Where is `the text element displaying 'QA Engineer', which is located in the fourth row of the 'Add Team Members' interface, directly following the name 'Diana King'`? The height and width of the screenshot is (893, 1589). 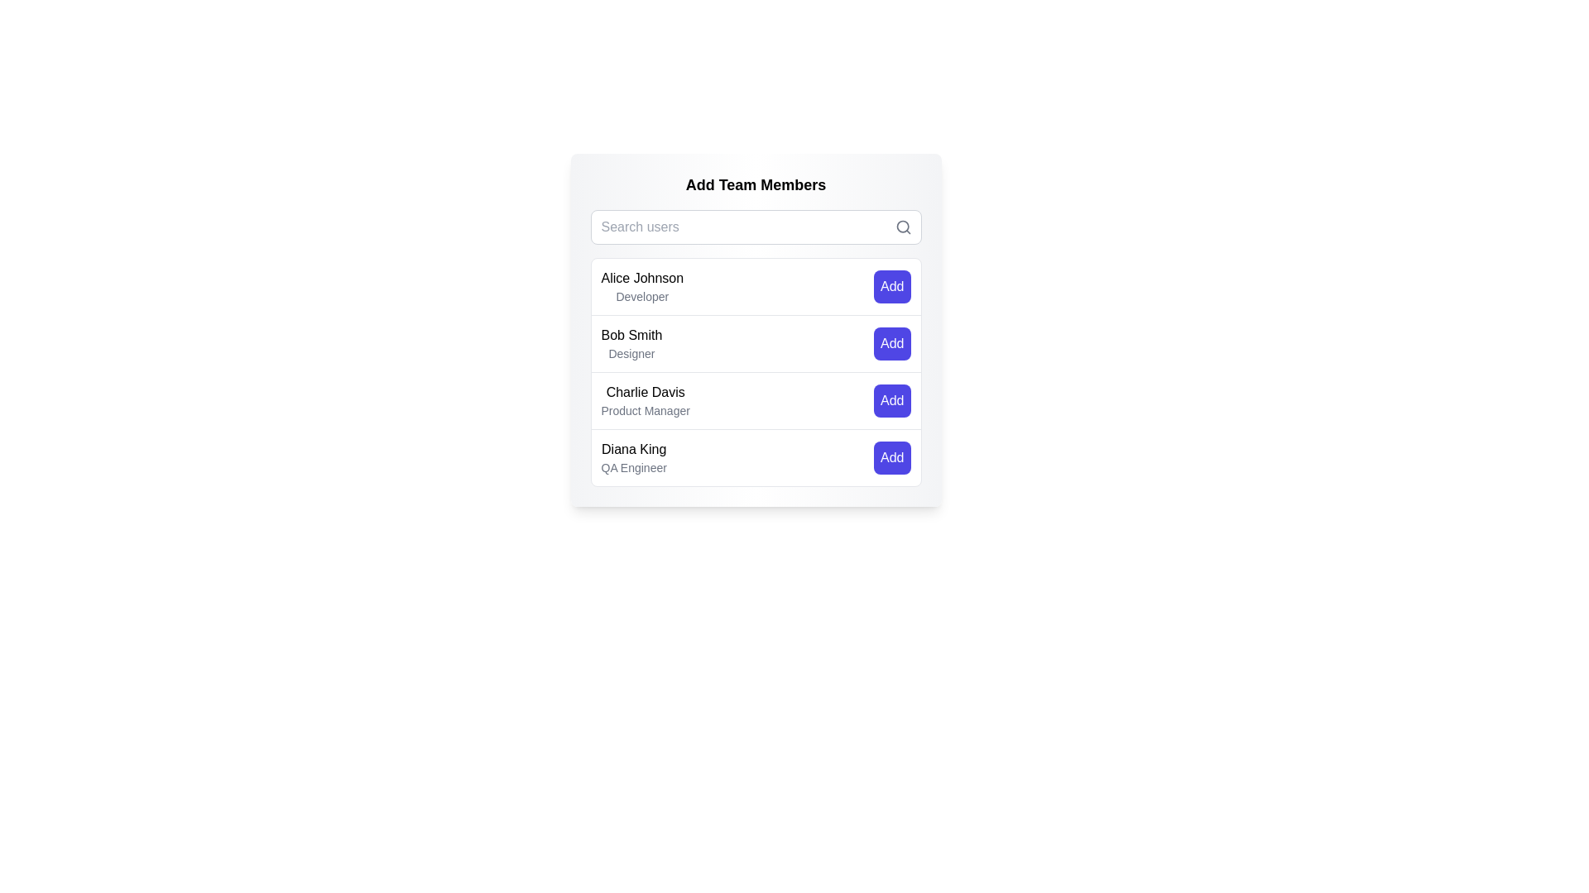 the text element displaying 'QA Engineer', which is located in the fourth row of the 'Add Team Members' interface, directly following the name 'Diana King' is located at coordinates (633, 468).